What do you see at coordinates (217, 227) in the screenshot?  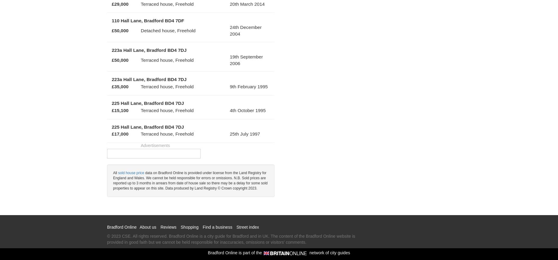 I see `'Find a business'` at bounding box center [217, 227].